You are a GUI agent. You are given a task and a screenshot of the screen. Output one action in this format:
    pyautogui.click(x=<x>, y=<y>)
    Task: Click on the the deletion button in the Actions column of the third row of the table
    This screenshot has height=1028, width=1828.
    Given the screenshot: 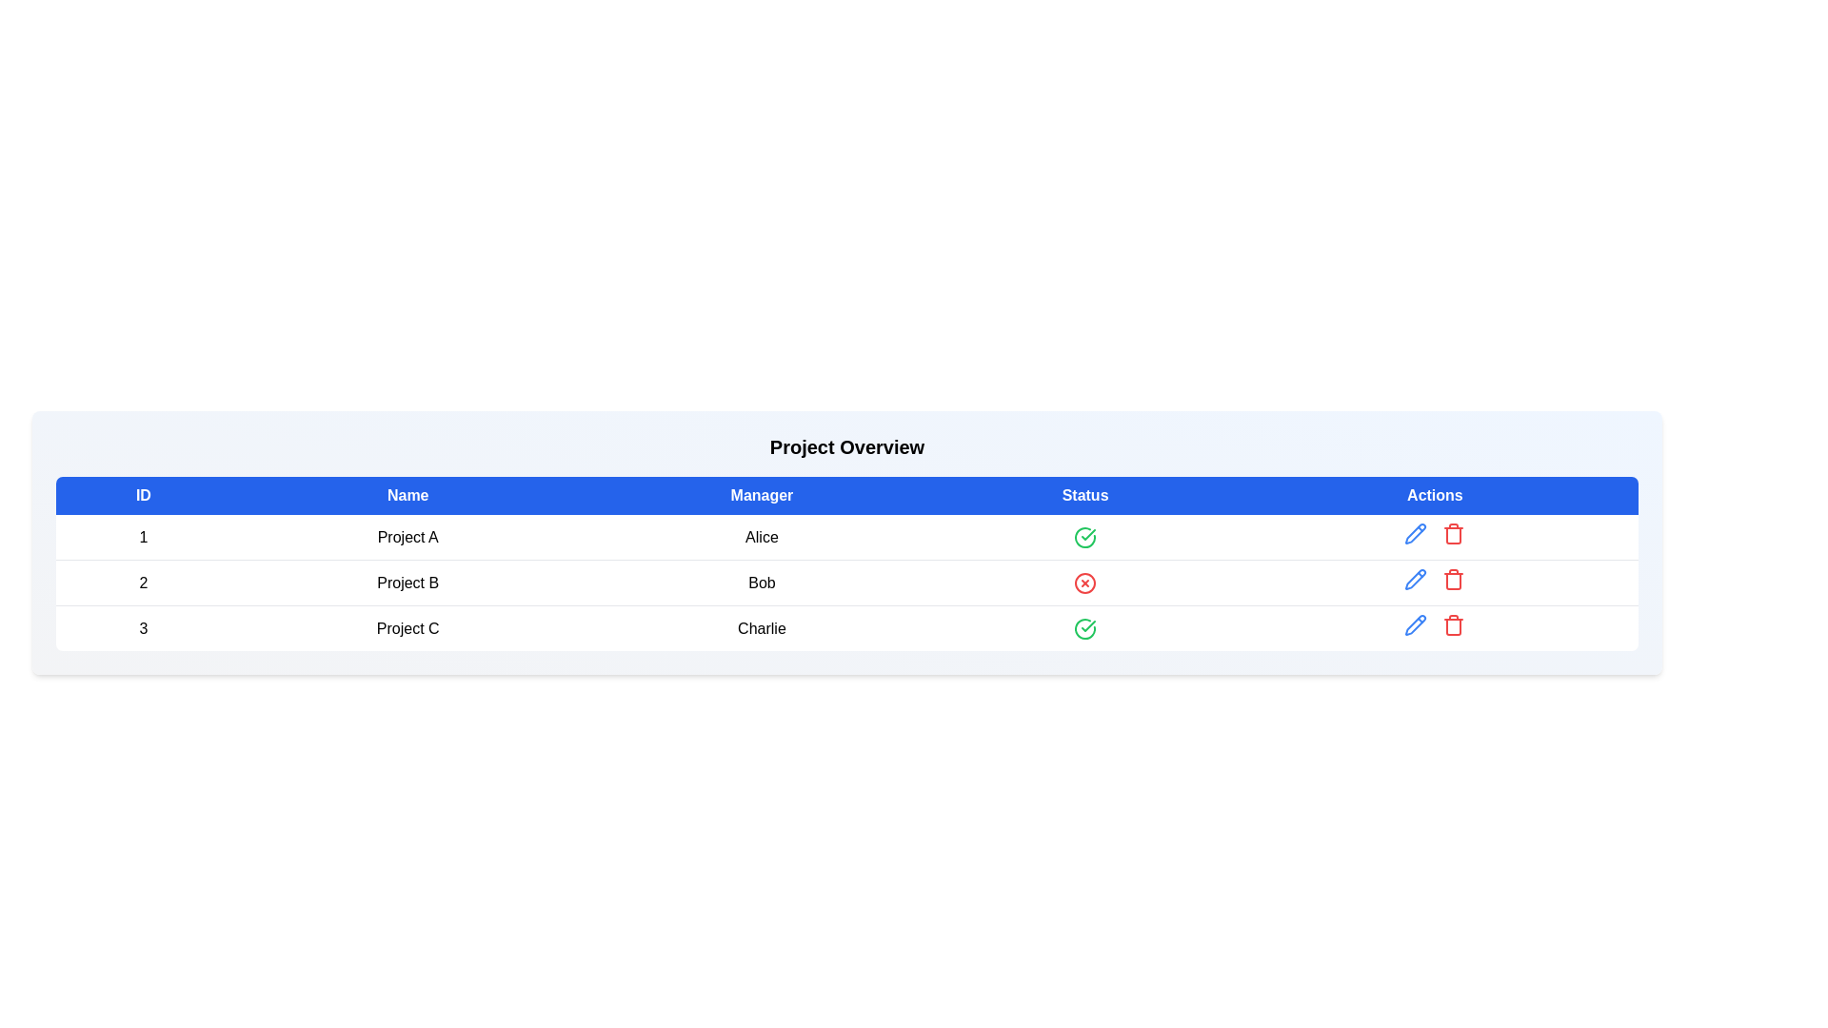 What is the action you would take?
    pyautogui.click(x=1453, y=624)
    